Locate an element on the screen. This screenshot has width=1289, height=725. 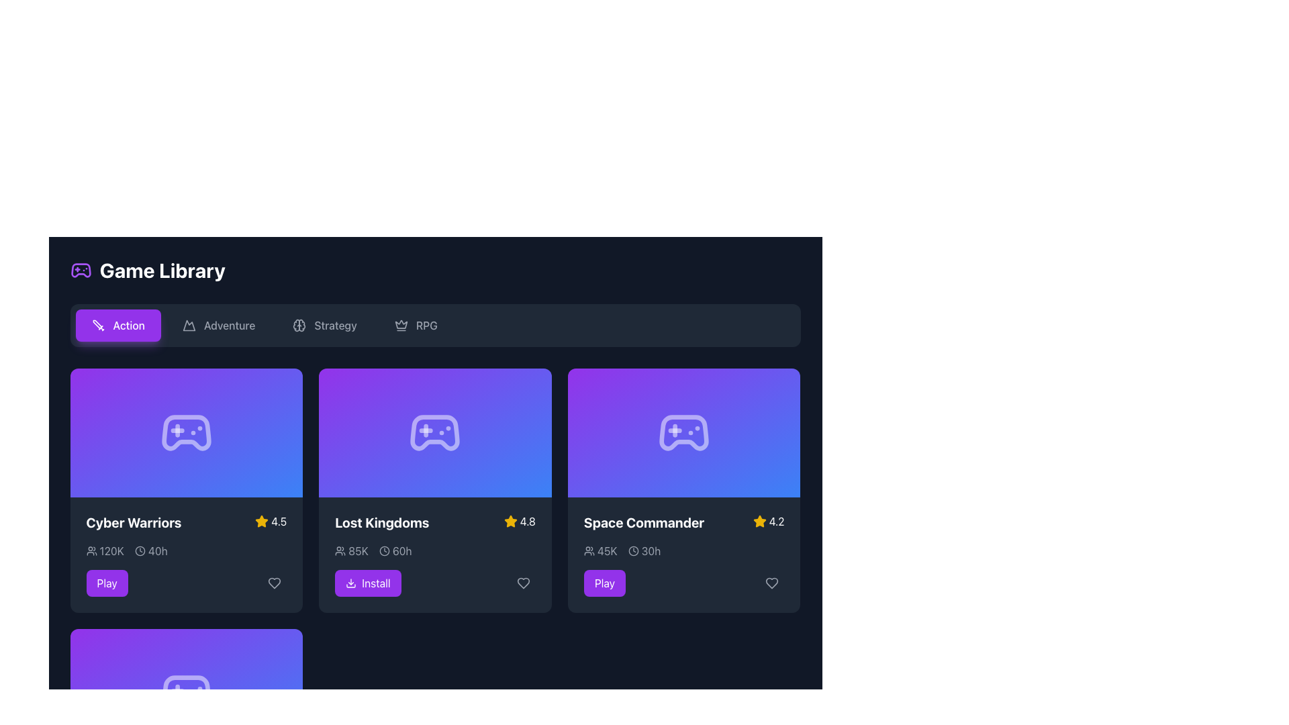
the Icon-text group indicating the approximate number of hours required to complete the associated entry in the 'Space Commander' section of the game cards is located at coordinates (644, 551).